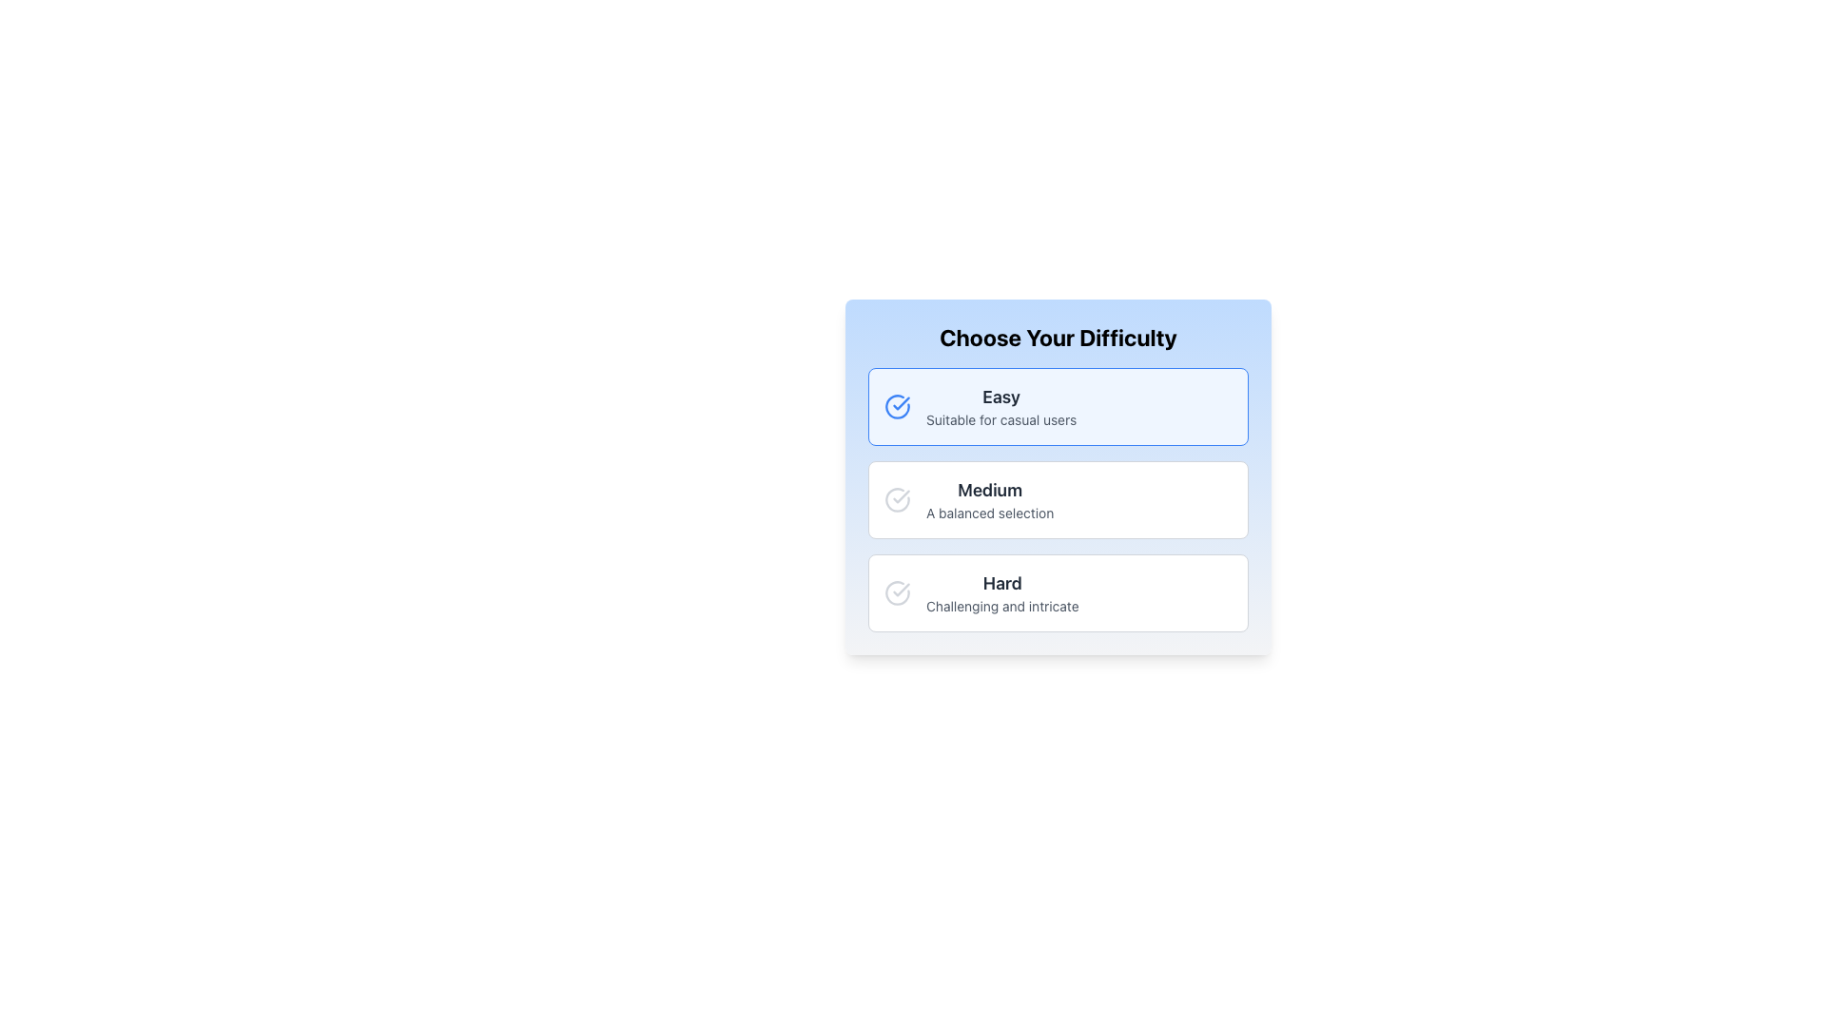 This screenshot has width=1826, height=1027. I want to click on the text label that contains 'Challenging and intricate', which is styled in gray and positioned beneath the 'Hard' label in the difficulty selection card, so click(1001, 606).